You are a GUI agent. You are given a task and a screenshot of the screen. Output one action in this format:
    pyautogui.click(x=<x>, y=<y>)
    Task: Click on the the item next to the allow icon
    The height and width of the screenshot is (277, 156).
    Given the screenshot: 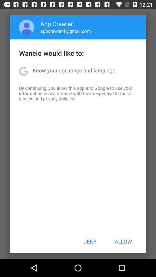 What is the action you would take?
    pyautogui.click(x=90, y=241)
    